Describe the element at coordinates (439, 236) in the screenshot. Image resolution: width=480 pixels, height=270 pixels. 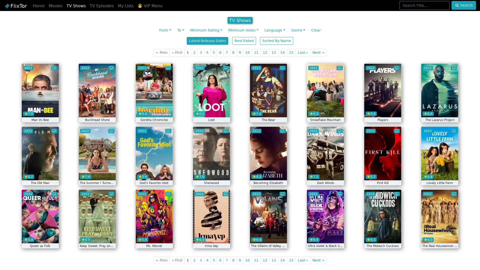
I see `Watch Now` at that location.